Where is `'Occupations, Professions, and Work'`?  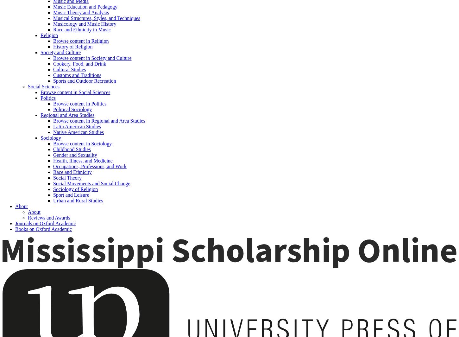 'Occupations, Professions, and Work' is located at coordinates (90, 166).